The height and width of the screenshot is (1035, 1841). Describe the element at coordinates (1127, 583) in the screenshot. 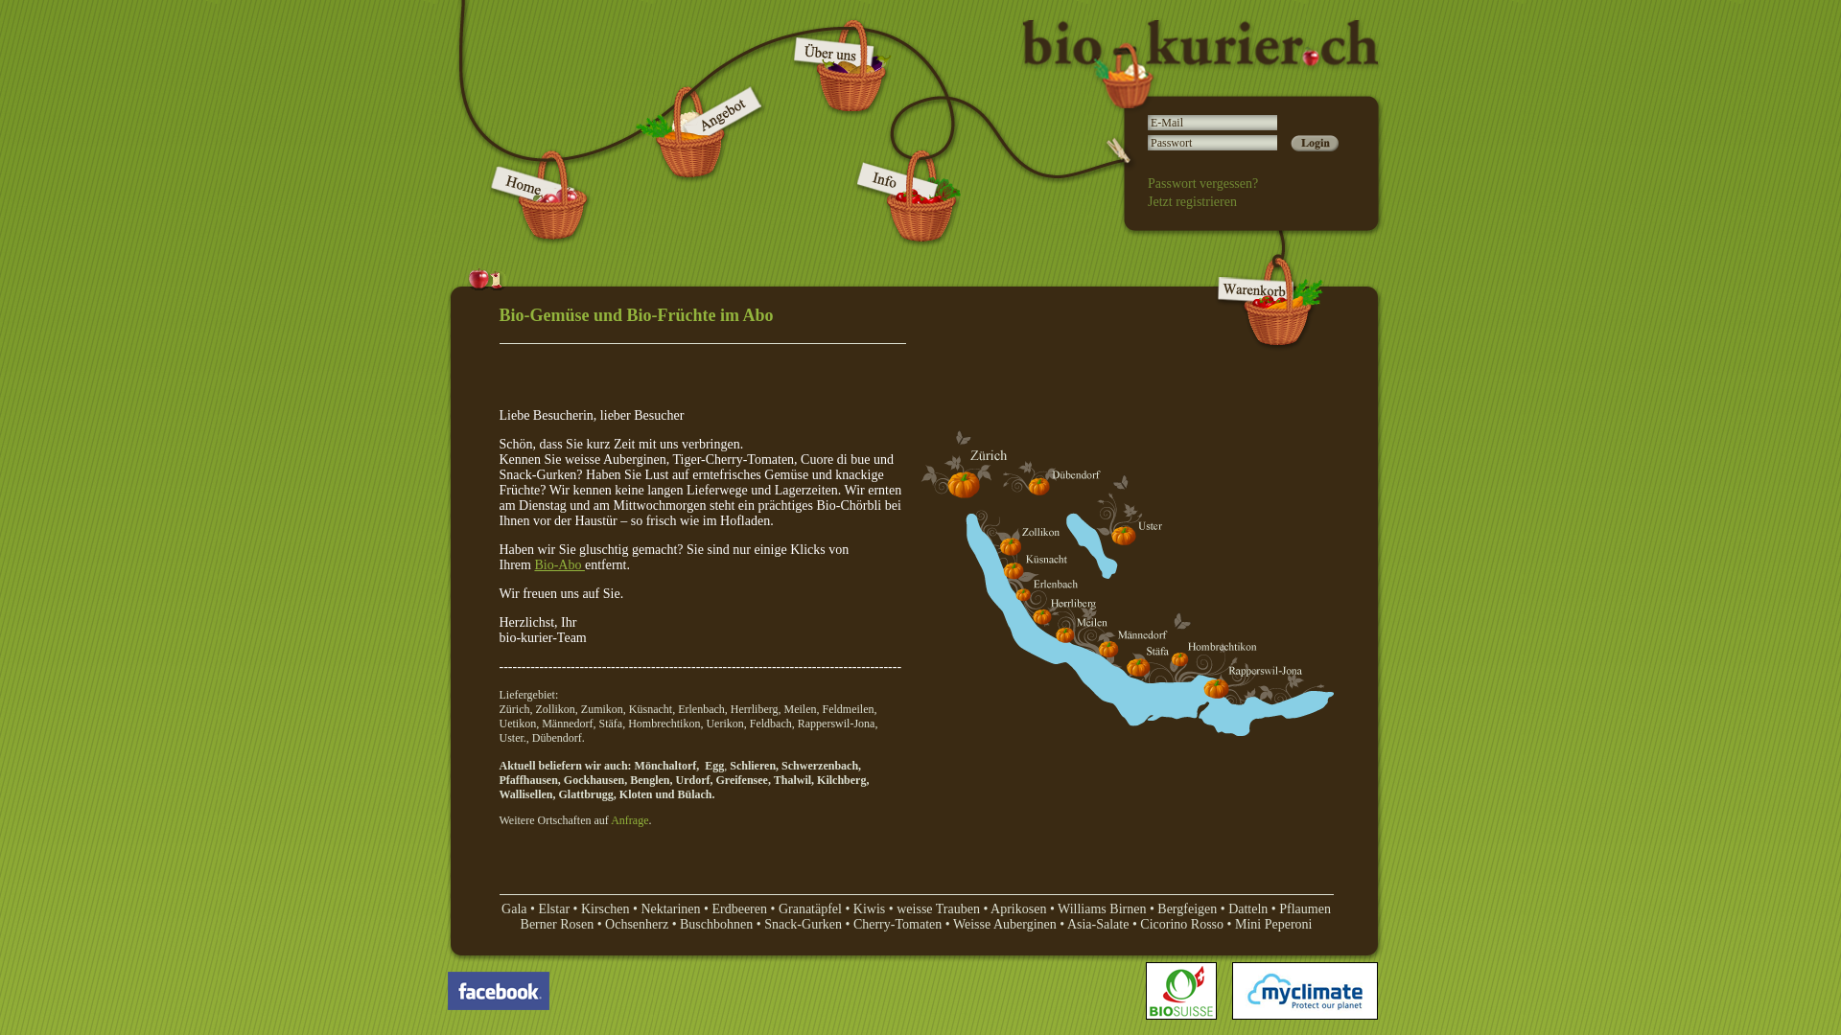

I see `'Liefergebiet Biokurier'` at that location.